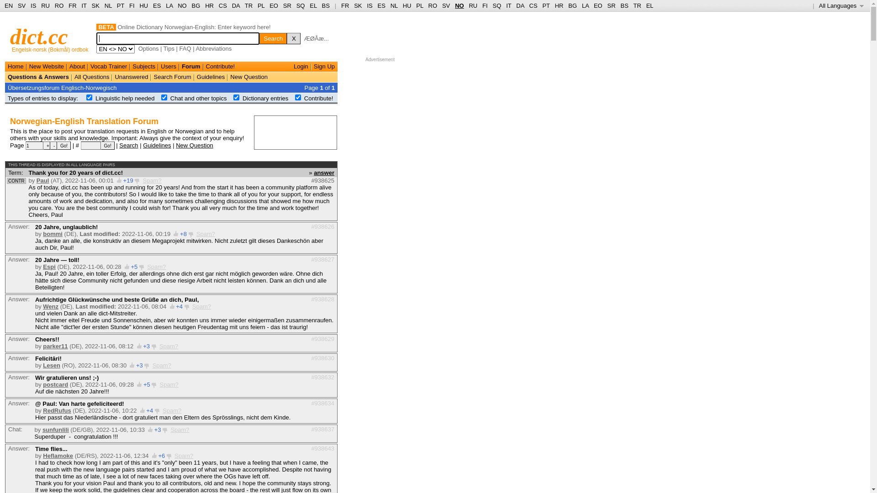  I want to click on 'Users', so click(169, 66).